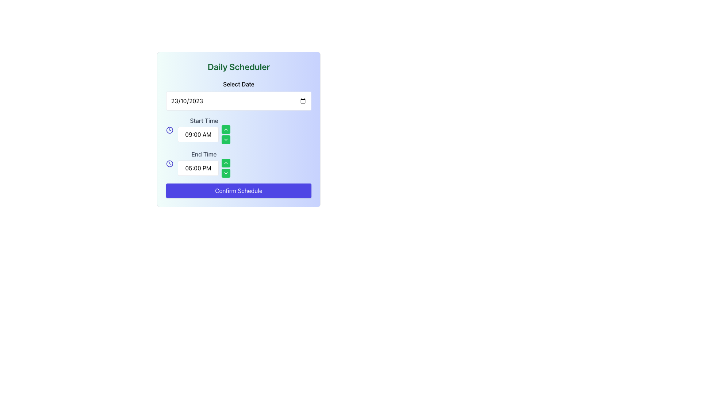 The height and width of the screenshot is (394, 701). What do you see at coordinates (169, 130) in the screenshot?
I see `the inner circle of the clock icon, which is located to the left of the 'End Time' field in the interface` at bounding box center [169, 130].